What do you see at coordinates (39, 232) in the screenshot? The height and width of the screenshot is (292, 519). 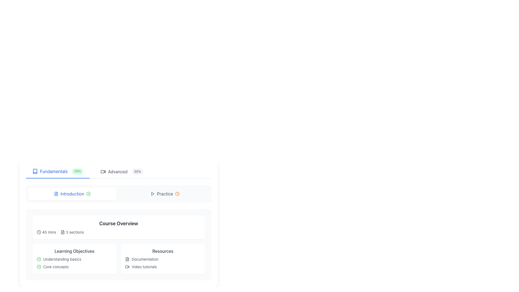 I see `the appearance of the circular graphical element that is part of a clock icon, located in the lower-left section of the application interface` at bounding box center [39, 232].